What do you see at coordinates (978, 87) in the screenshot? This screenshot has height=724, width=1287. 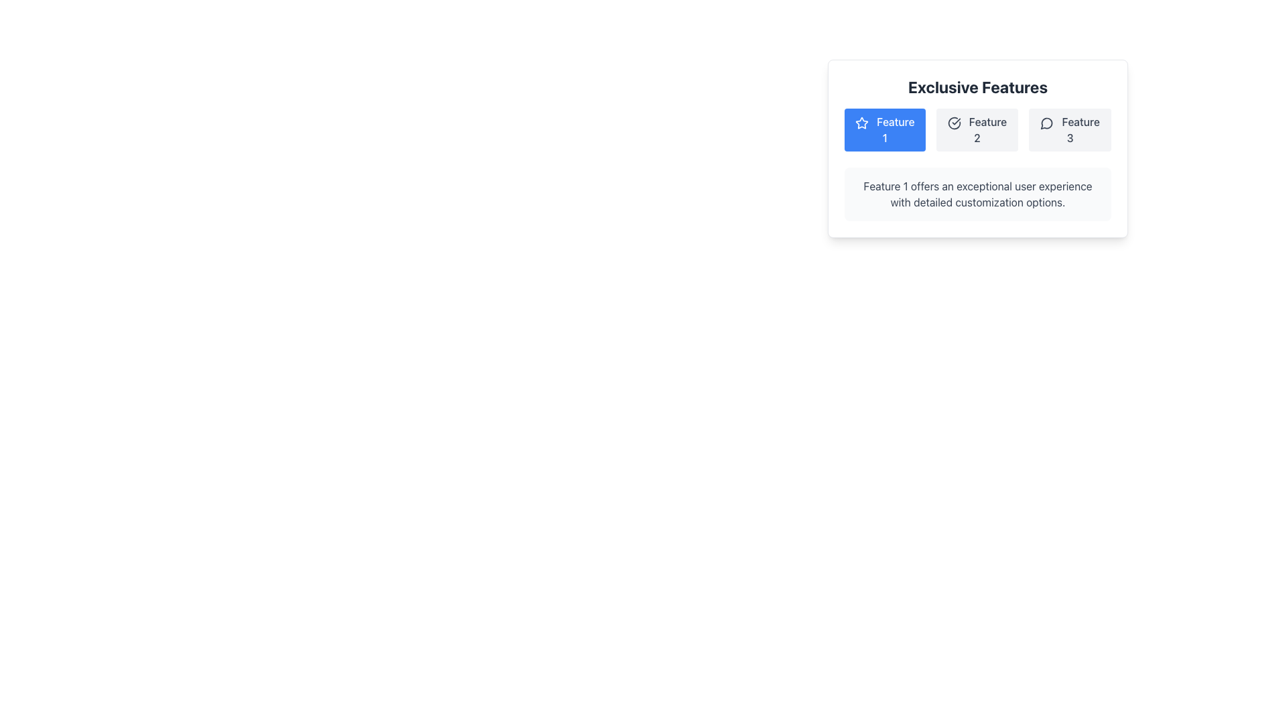 I see `the textual heading 'Exclusive Features' which is styled with a bold, large font in dark gray (#4A5568) at the top center of a bordered white card` at bounding box center [978, 87].